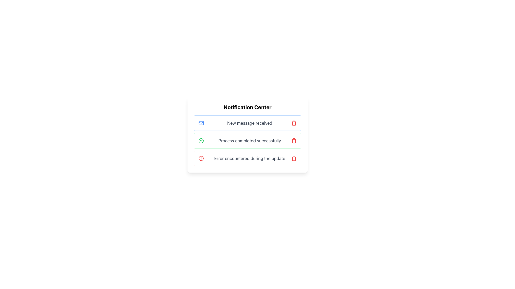 The height and width of the screenshot is (289, 515). Describe the element at coordinates (247, 158) in the screenshot. I see `message in the notification card that contains an error update, located as the last notification in the vertical list` at that location.